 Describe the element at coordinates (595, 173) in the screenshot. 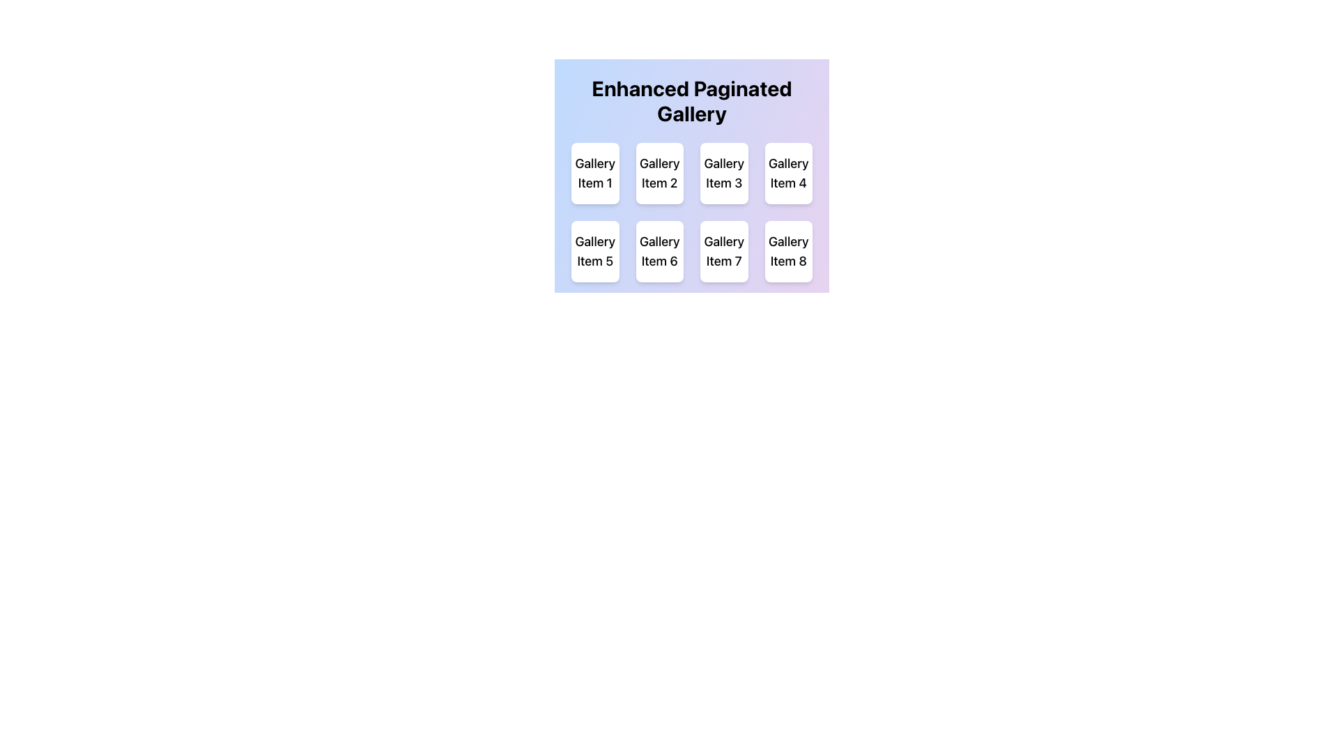

I see `text label styled as 'Gallery Item 1', which is centrally positioned in the first tile of the gallery interface` at that location.